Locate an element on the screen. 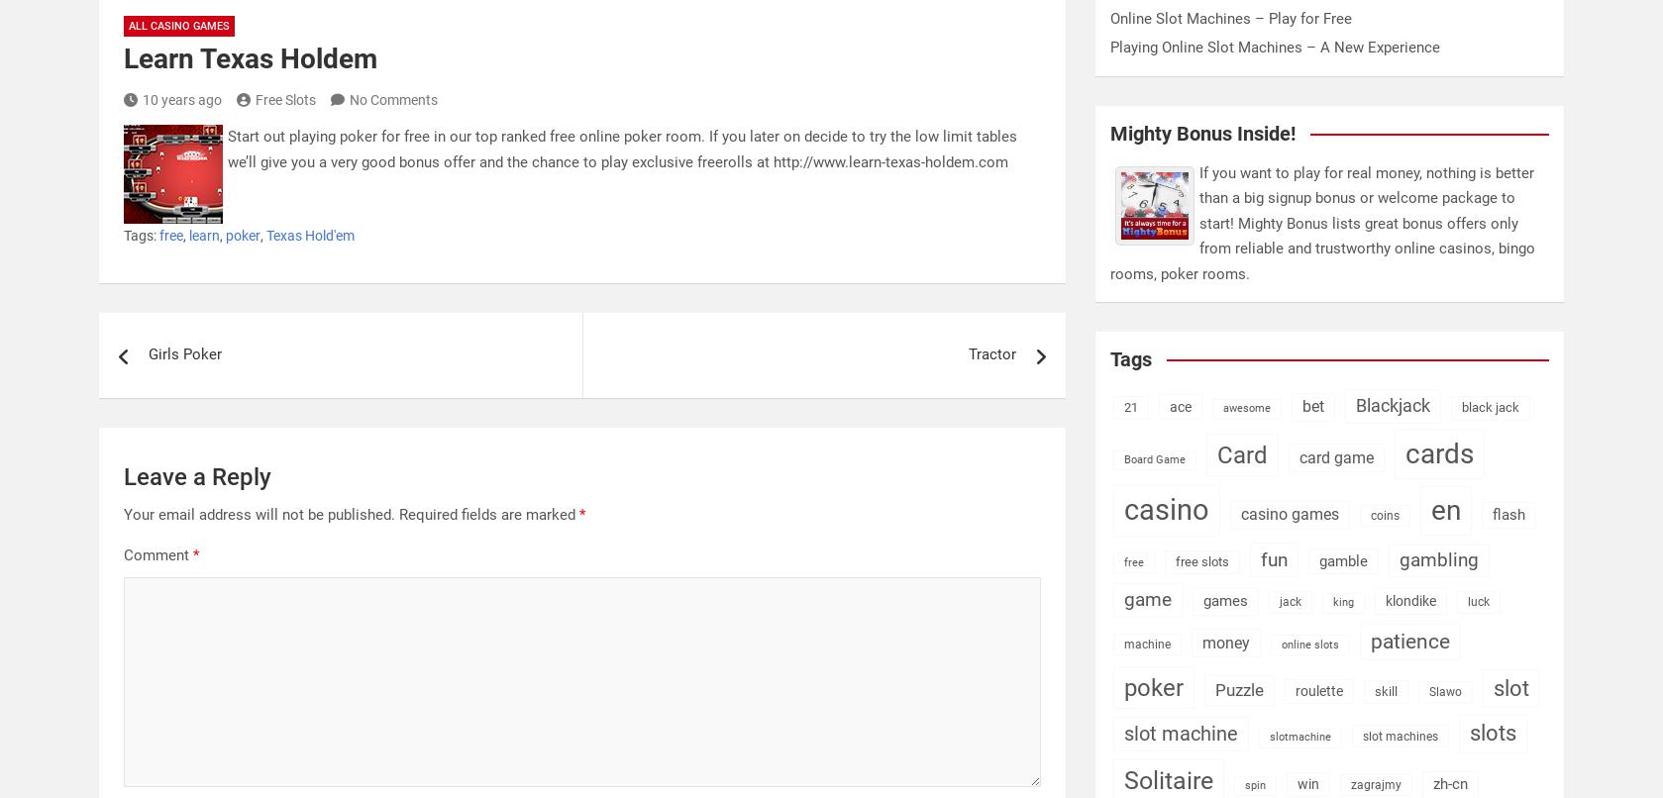  'slots' is located at coordinates (1492, 732).